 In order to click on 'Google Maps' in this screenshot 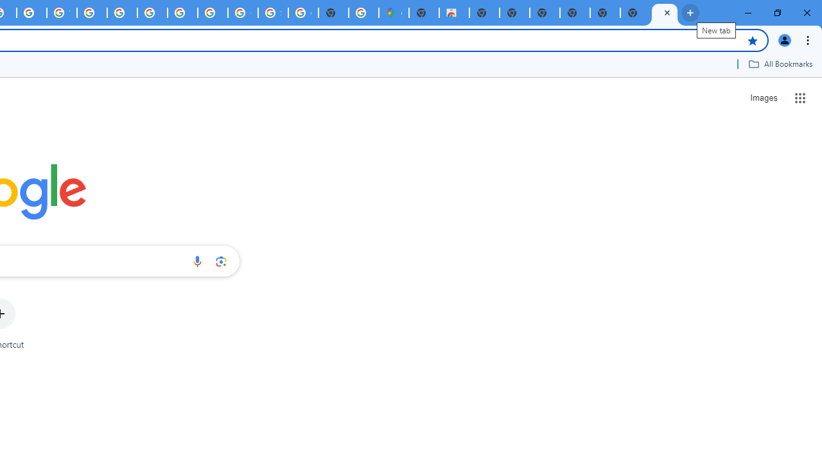, I will do `click(393, 13)`.